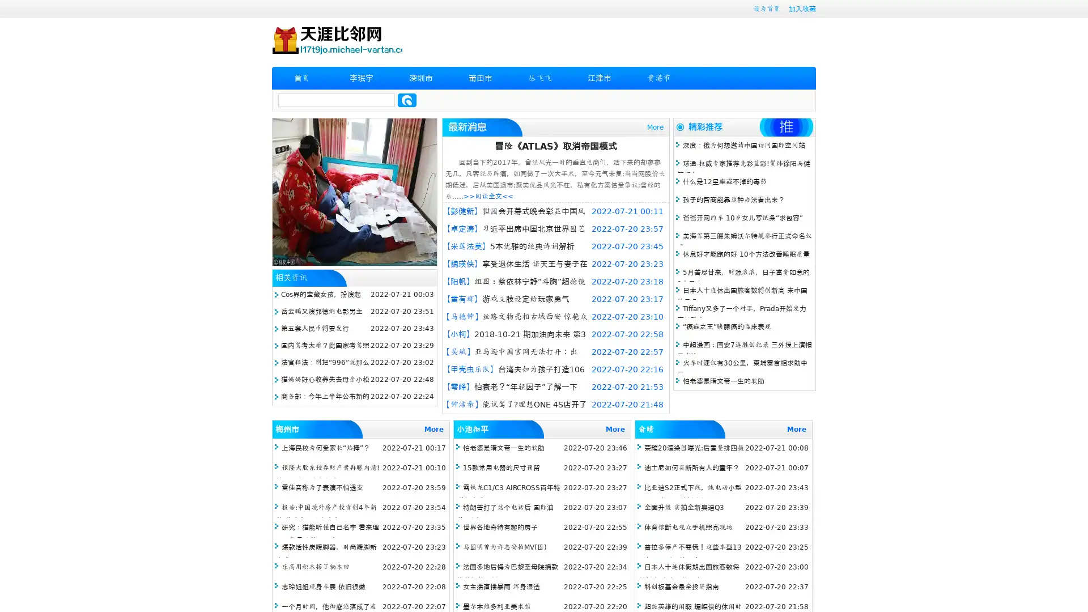 This screenshot has height=612, width=1088. Describe the element at coordinates (407, 100) in the screenshot. I see `Search` at that location.